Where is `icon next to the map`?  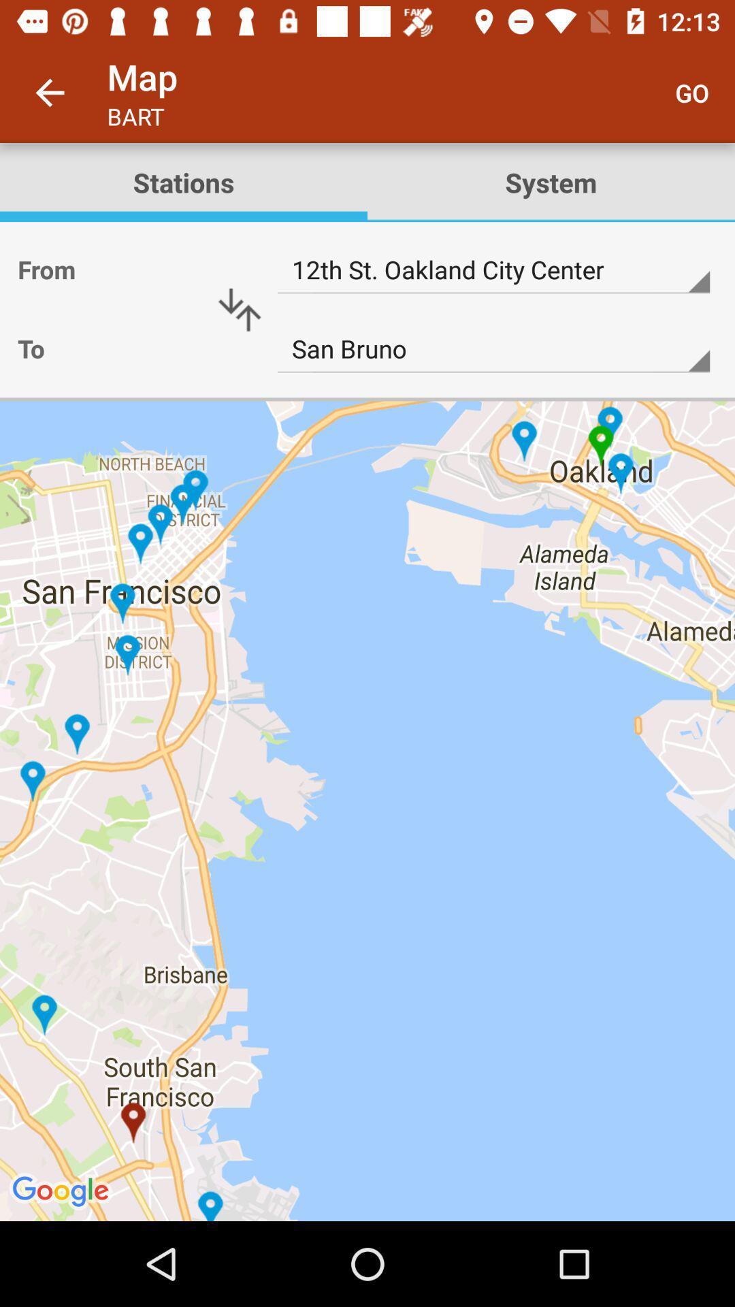 icon next to the map is located at coordinates (49, 92).